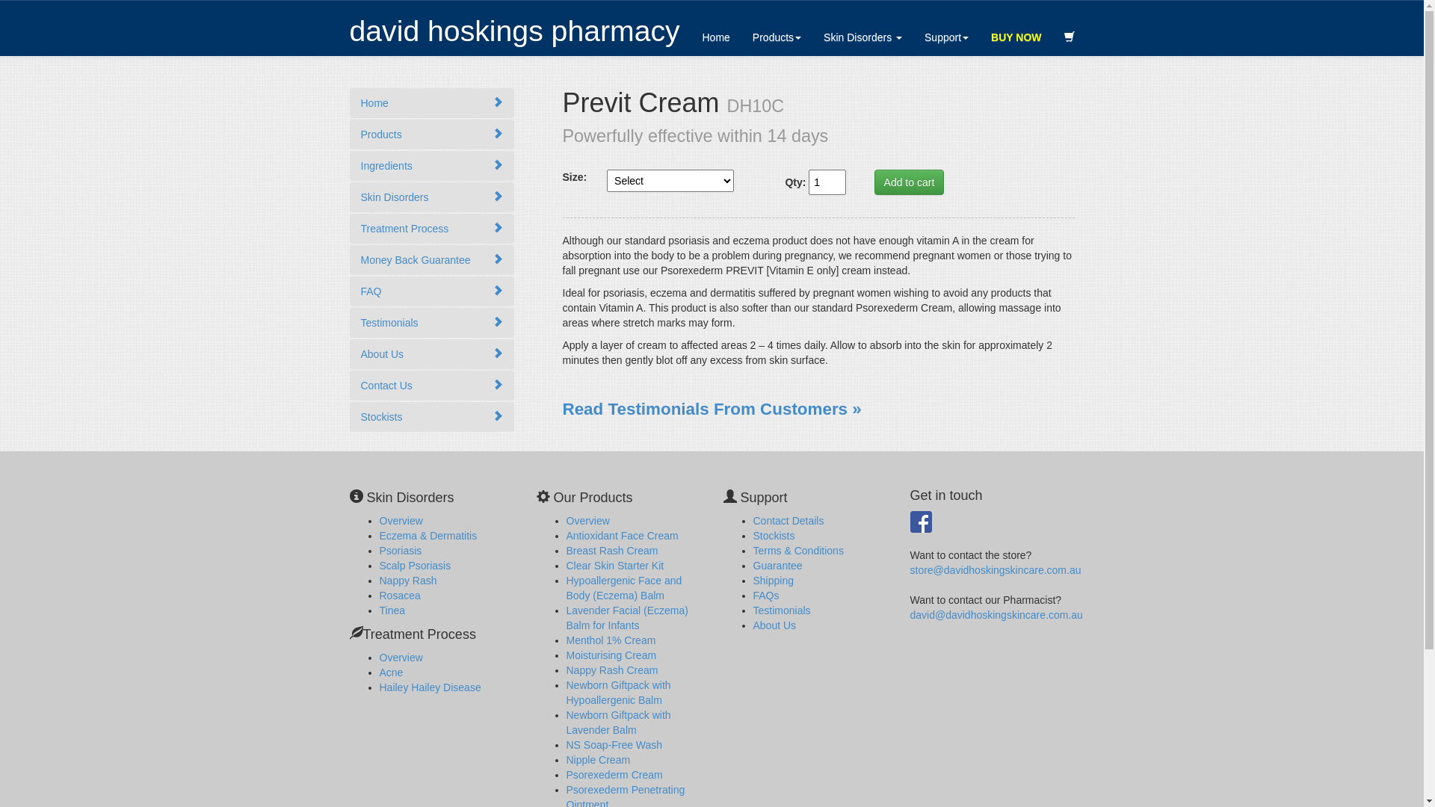  I want to click on 'Stockists', so click(430, 417).